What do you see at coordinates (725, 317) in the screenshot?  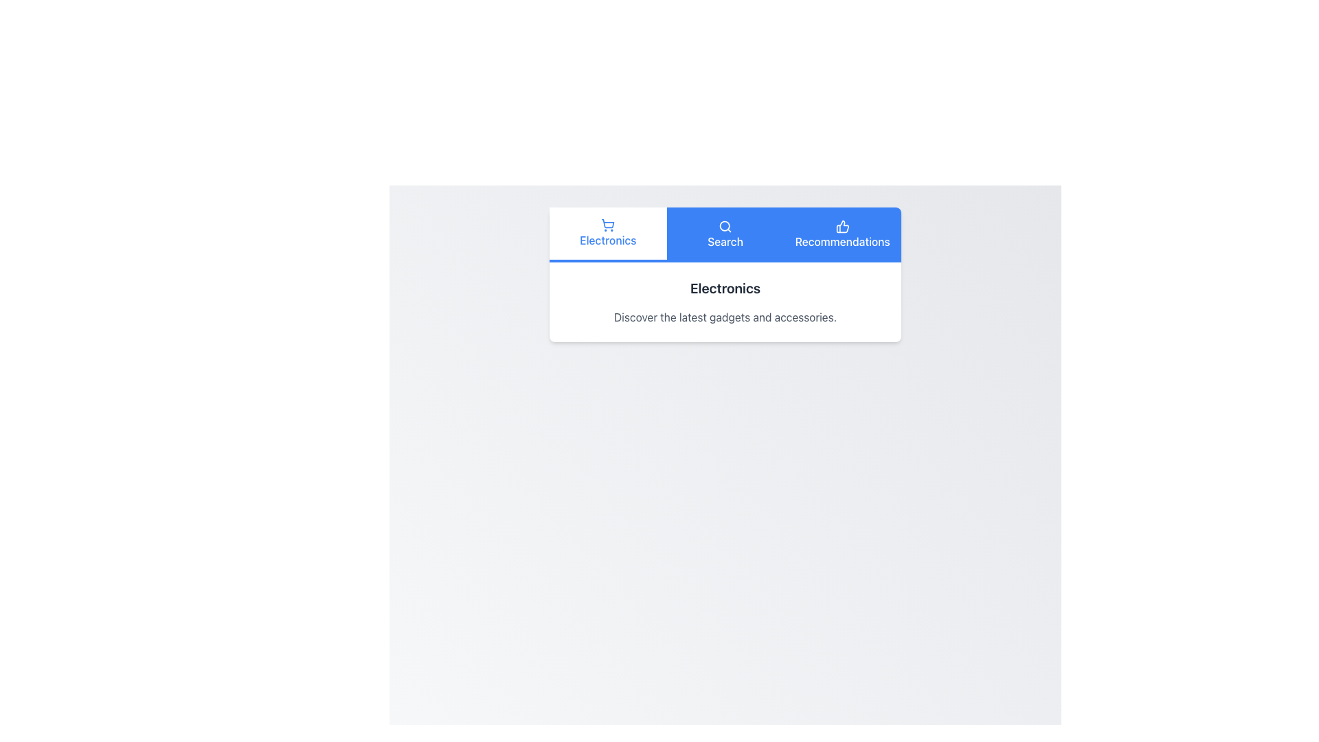 I see `the static text element that provides contextual information about the 'Electronics' heading, located directly below it` at bounding box center [725, 317].